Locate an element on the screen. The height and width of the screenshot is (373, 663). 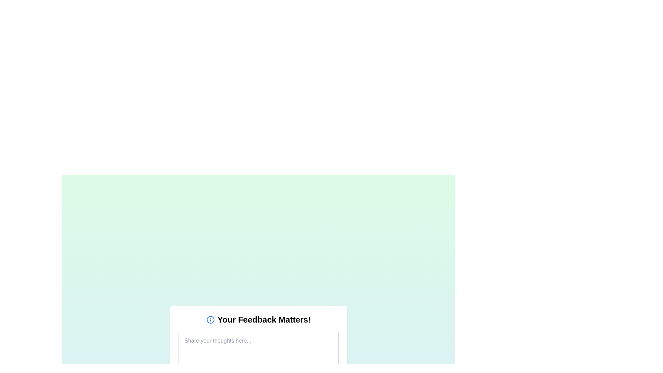
the Text label with an accompanying icon at the top of the feedback form, which serves as a header to emphasize the importance of user feedback is located at coordinates (258, 319).